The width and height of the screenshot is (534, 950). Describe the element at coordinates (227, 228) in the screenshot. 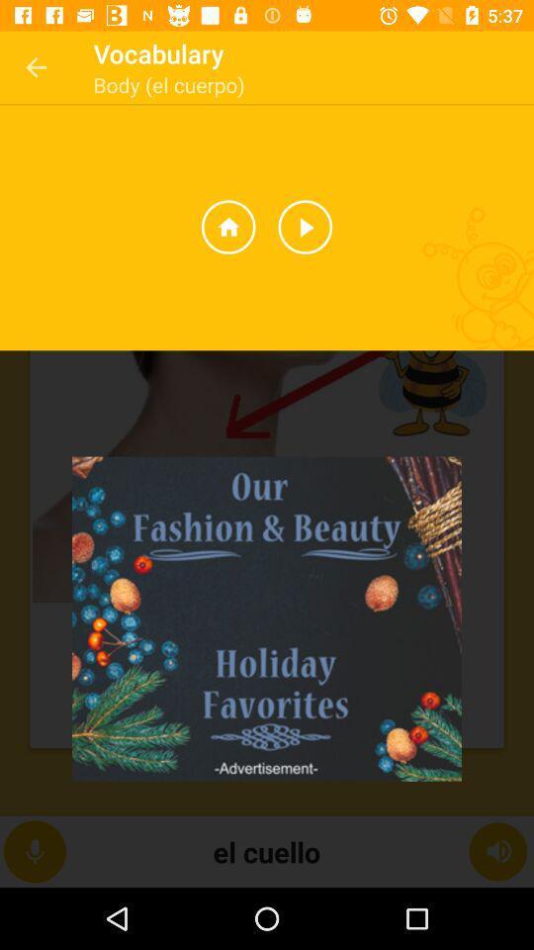

I see `home icon` at that location.